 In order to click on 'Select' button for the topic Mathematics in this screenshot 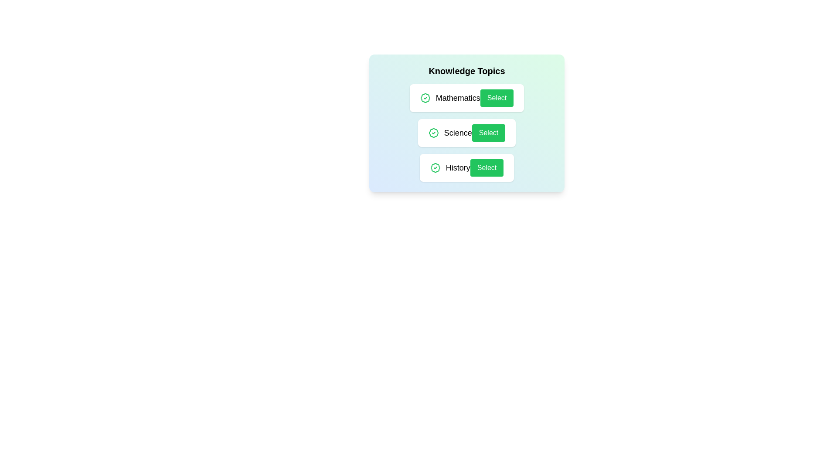, I will do `click(497, 98)`.